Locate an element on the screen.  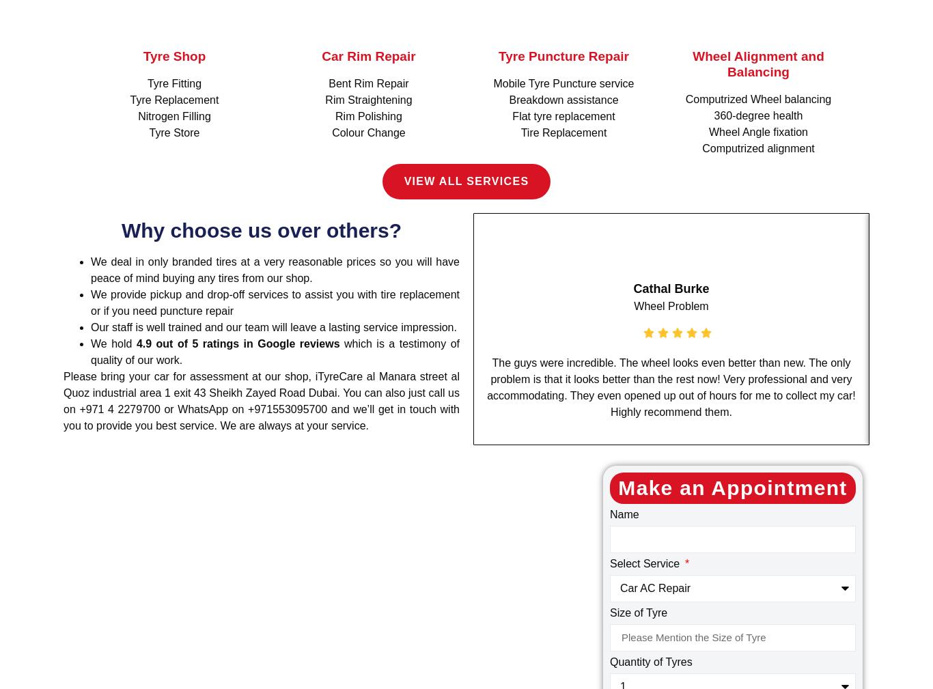
'Why choose us over others?' is located at coordinates (260, 229).